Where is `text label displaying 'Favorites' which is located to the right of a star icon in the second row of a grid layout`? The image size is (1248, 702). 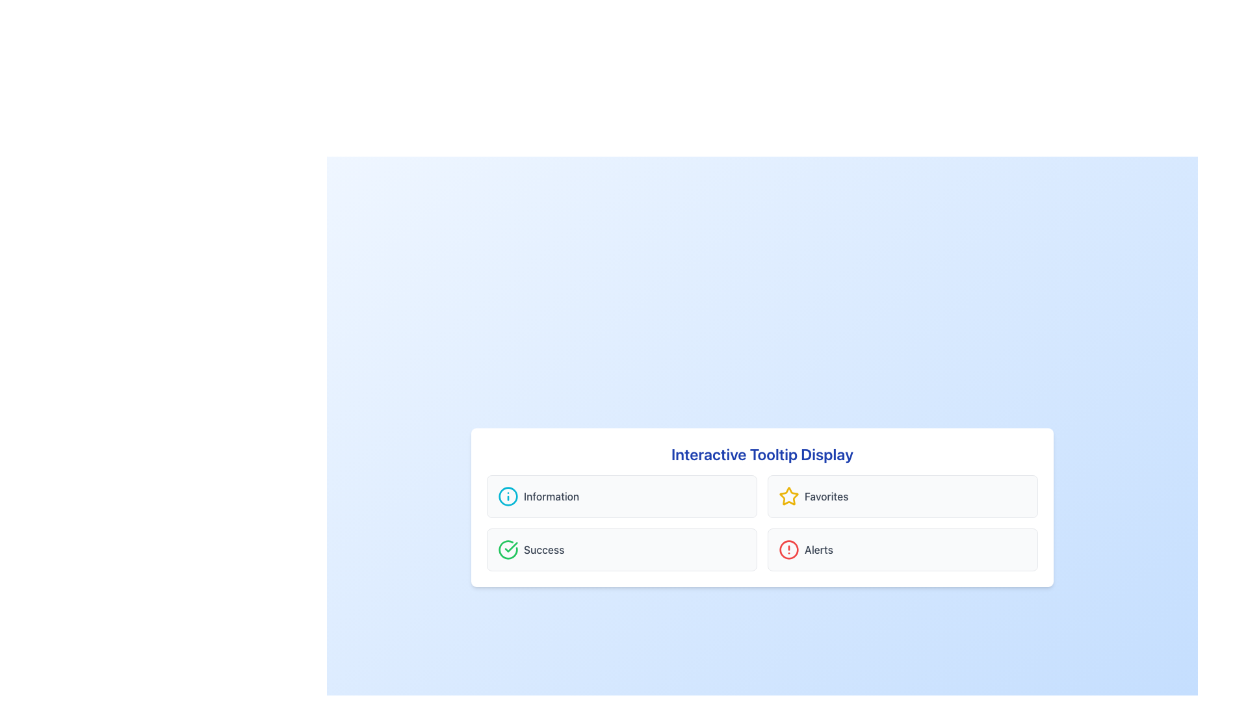
text label displaying 'Favorites' which is located to the right of a star icon in the second row of a grid layout is located at coordinates (825, 496).